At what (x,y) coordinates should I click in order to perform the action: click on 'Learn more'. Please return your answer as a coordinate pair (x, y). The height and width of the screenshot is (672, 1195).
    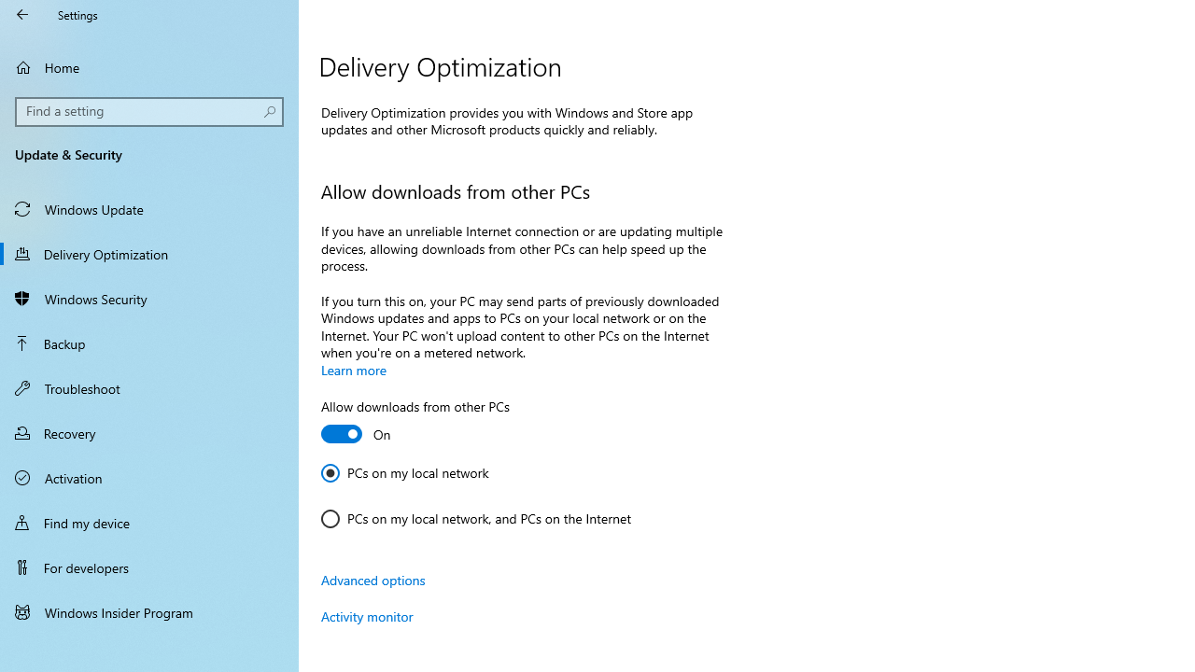
    Looking at the image, I should click on (354, 370).